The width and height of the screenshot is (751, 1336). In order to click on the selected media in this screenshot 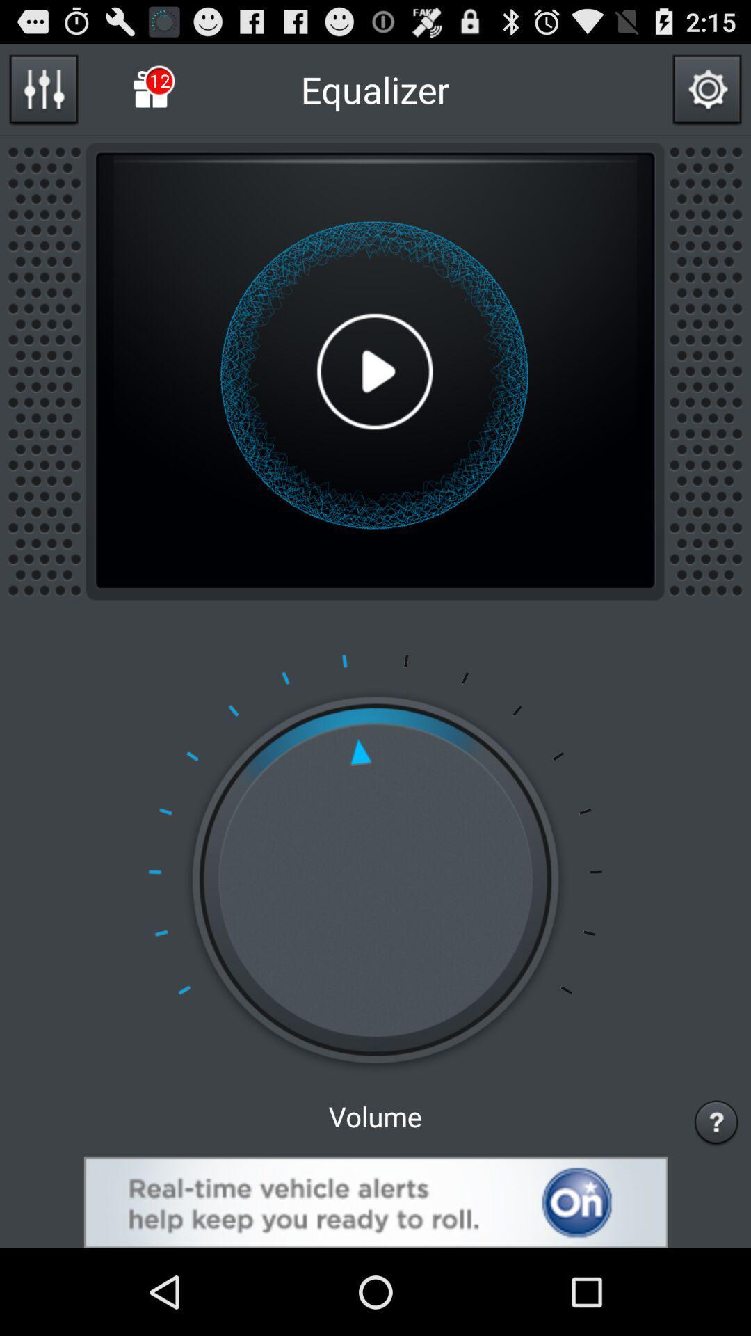, I will do `click(374, 371)`.